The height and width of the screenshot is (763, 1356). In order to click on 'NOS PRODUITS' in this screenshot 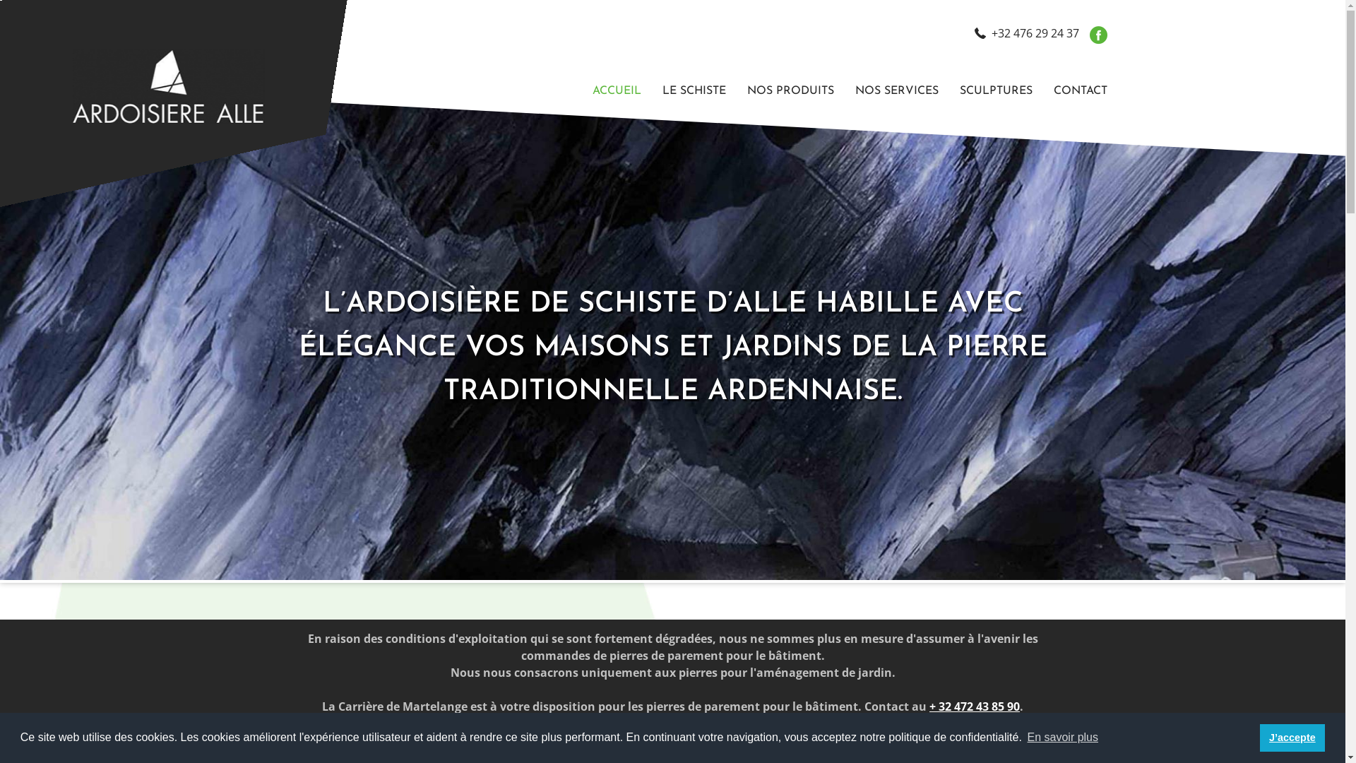, I will do `click(789, 90)`.